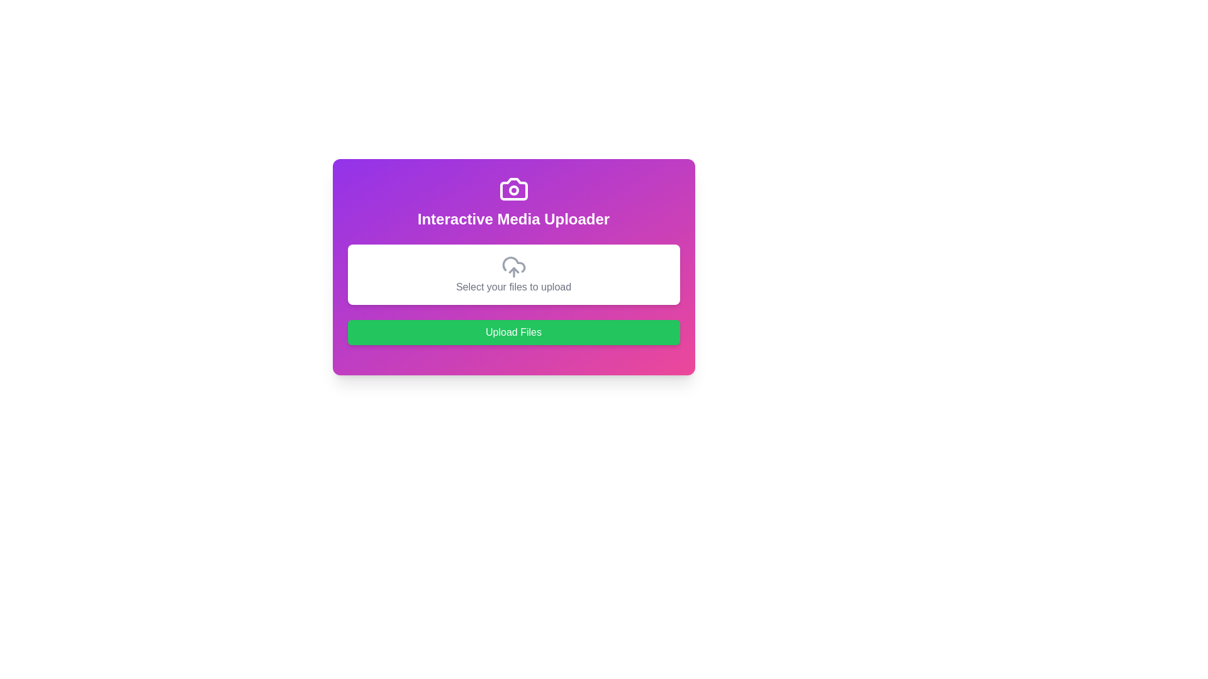 Image resolution: width=1208 pixels, height=679 pixels. Describe the element at coordinates (513, 264) in the screenshot. I see `the cloud upload icon, which is the middle part of a three-component icon assembly in the interactive media uploader layout` at that location.